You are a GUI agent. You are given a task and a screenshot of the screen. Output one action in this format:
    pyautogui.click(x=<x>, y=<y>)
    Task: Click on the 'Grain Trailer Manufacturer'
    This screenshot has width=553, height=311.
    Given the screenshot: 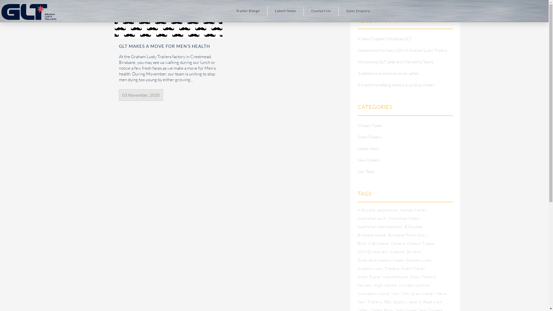 What is the action you would take?
    pyautogui.click(x=383, y=276)
    